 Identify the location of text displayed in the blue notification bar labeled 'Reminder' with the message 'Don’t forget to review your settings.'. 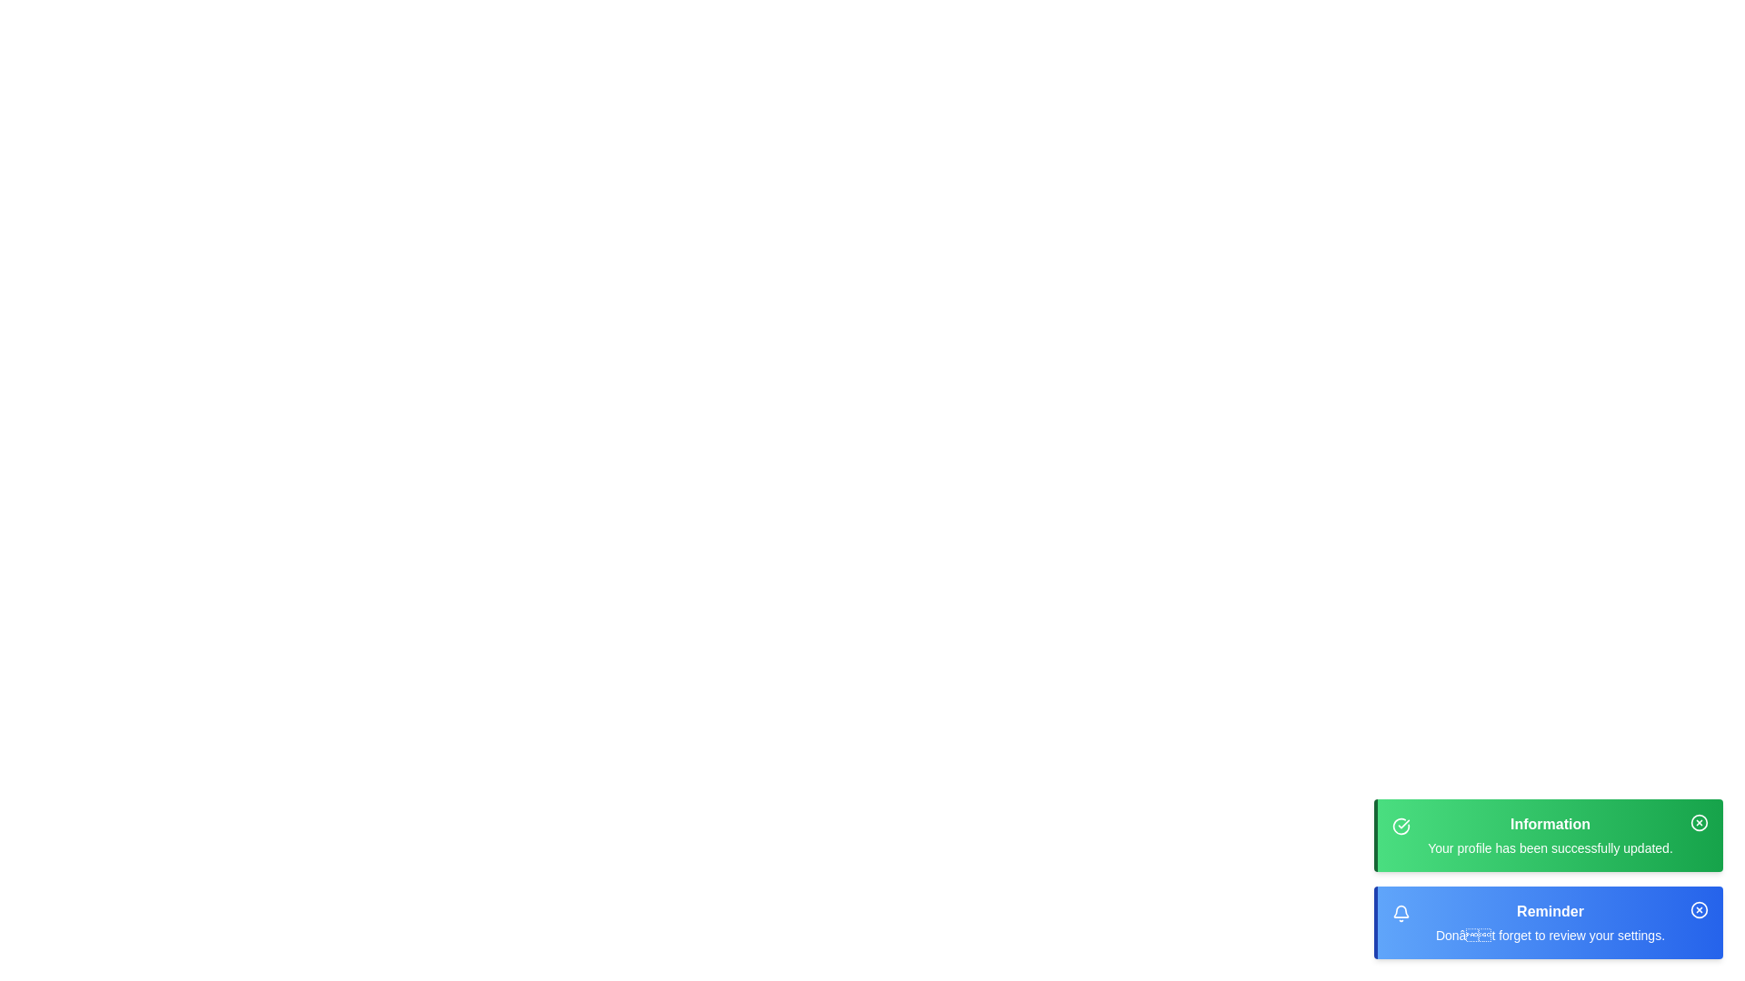
(1549, 922).